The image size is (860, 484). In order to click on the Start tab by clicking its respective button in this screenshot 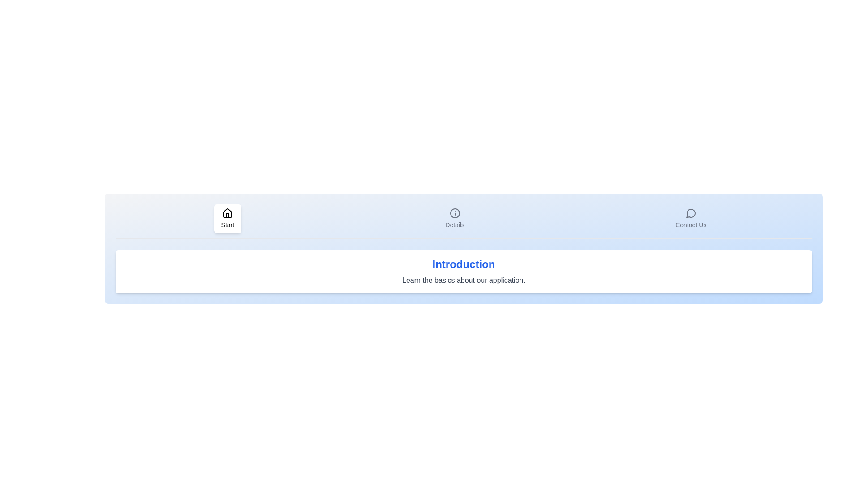, I will do `click(228, 219)`.